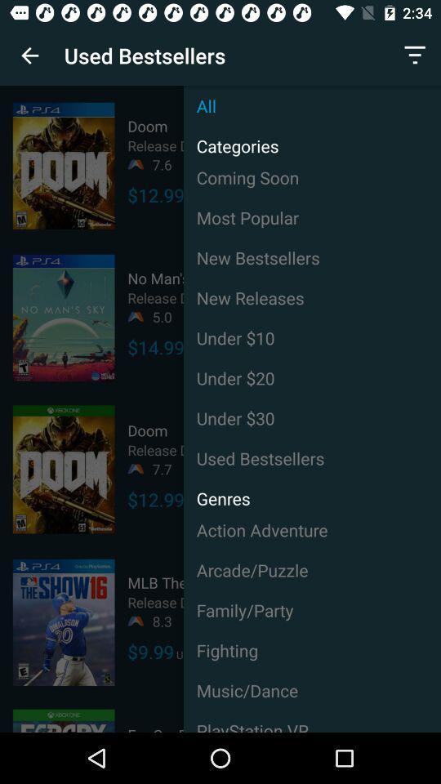  Describe the element at coordinates (312, 529) in the screenshot. I see `item above arcade/puzzle item` at that location.